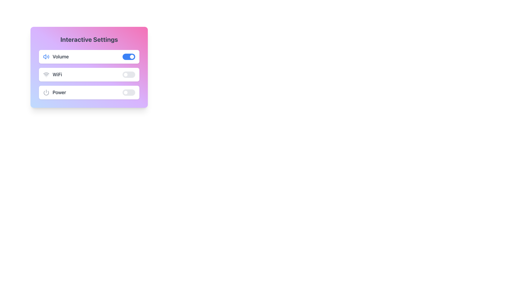 Image resolution: width=505 pixels, height=284 pixels. I want to click on the 'Power' icon, which is located at the leftmost side of the third row in the Interactive Settings panel, directly to the left of the label 'Power', so click(46, 92).